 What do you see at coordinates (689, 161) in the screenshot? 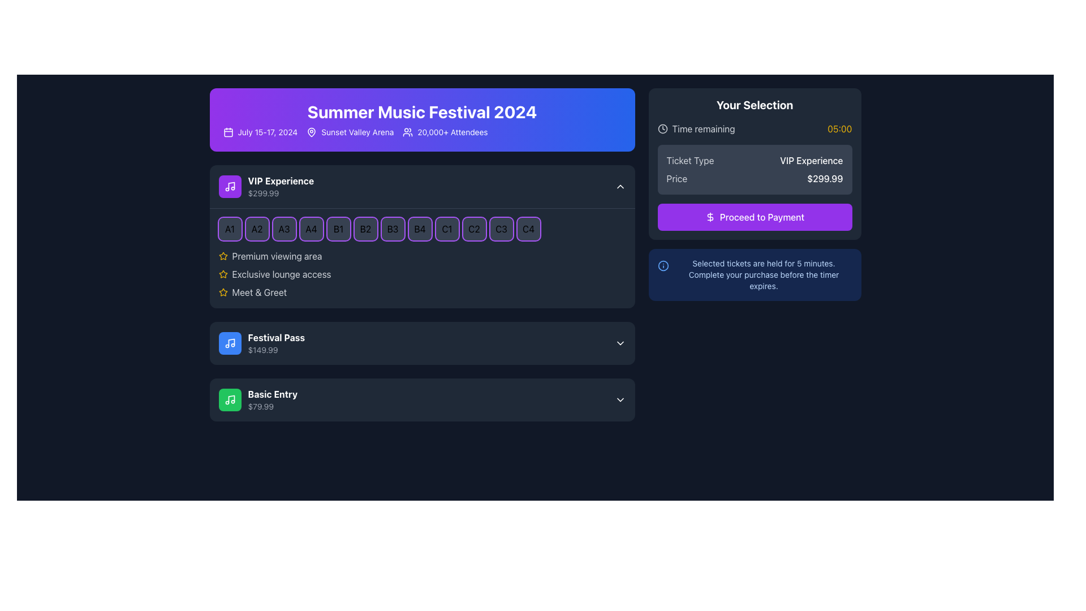
I see `the 'Ticket Type' text label, which is displayed in gray on a dark background, located at the top-left corner of the 'Your Selection' panel` at bounding box center [689, 161].